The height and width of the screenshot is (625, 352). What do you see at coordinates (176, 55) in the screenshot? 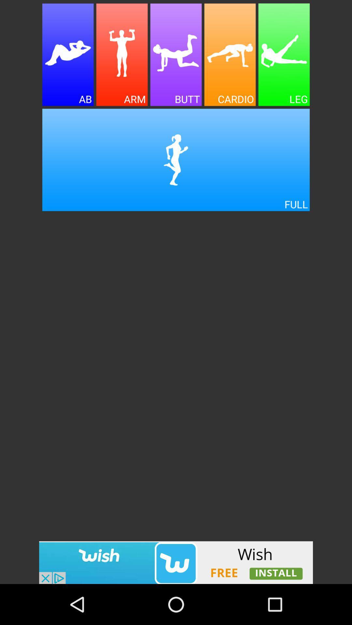
I see `open the butt exercise function` at bounding box center [176, 55].